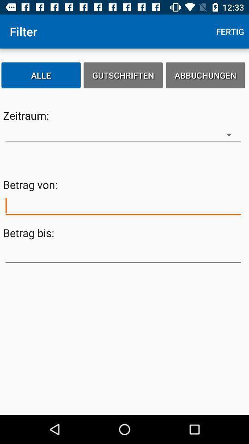 This screenshot has width=249, height=444. Describe the element at coordinates (205, 74) in the screenshot. I see `the abbuchungen icon` at that location.